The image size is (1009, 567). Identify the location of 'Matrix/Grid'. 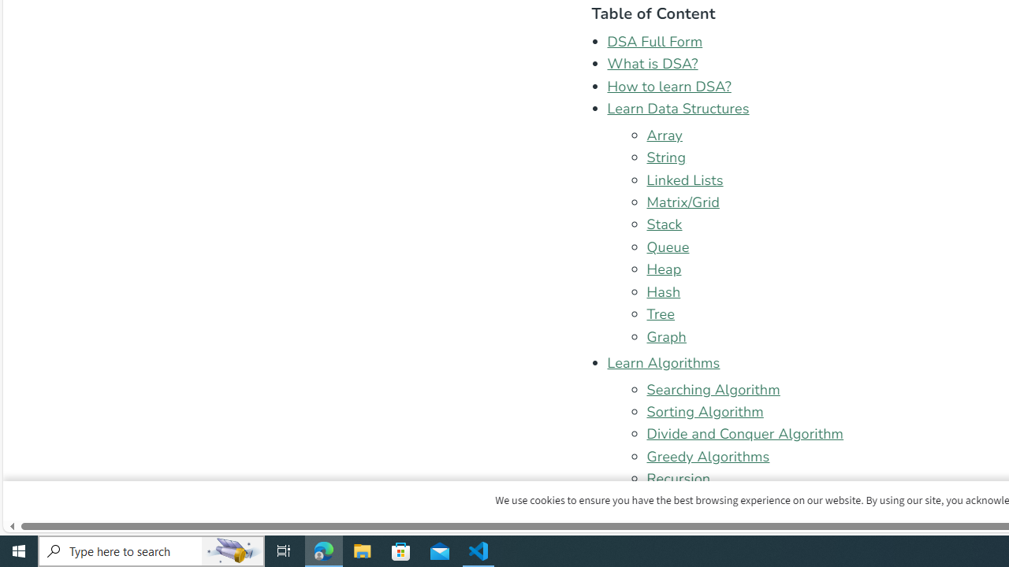
(683, 202).